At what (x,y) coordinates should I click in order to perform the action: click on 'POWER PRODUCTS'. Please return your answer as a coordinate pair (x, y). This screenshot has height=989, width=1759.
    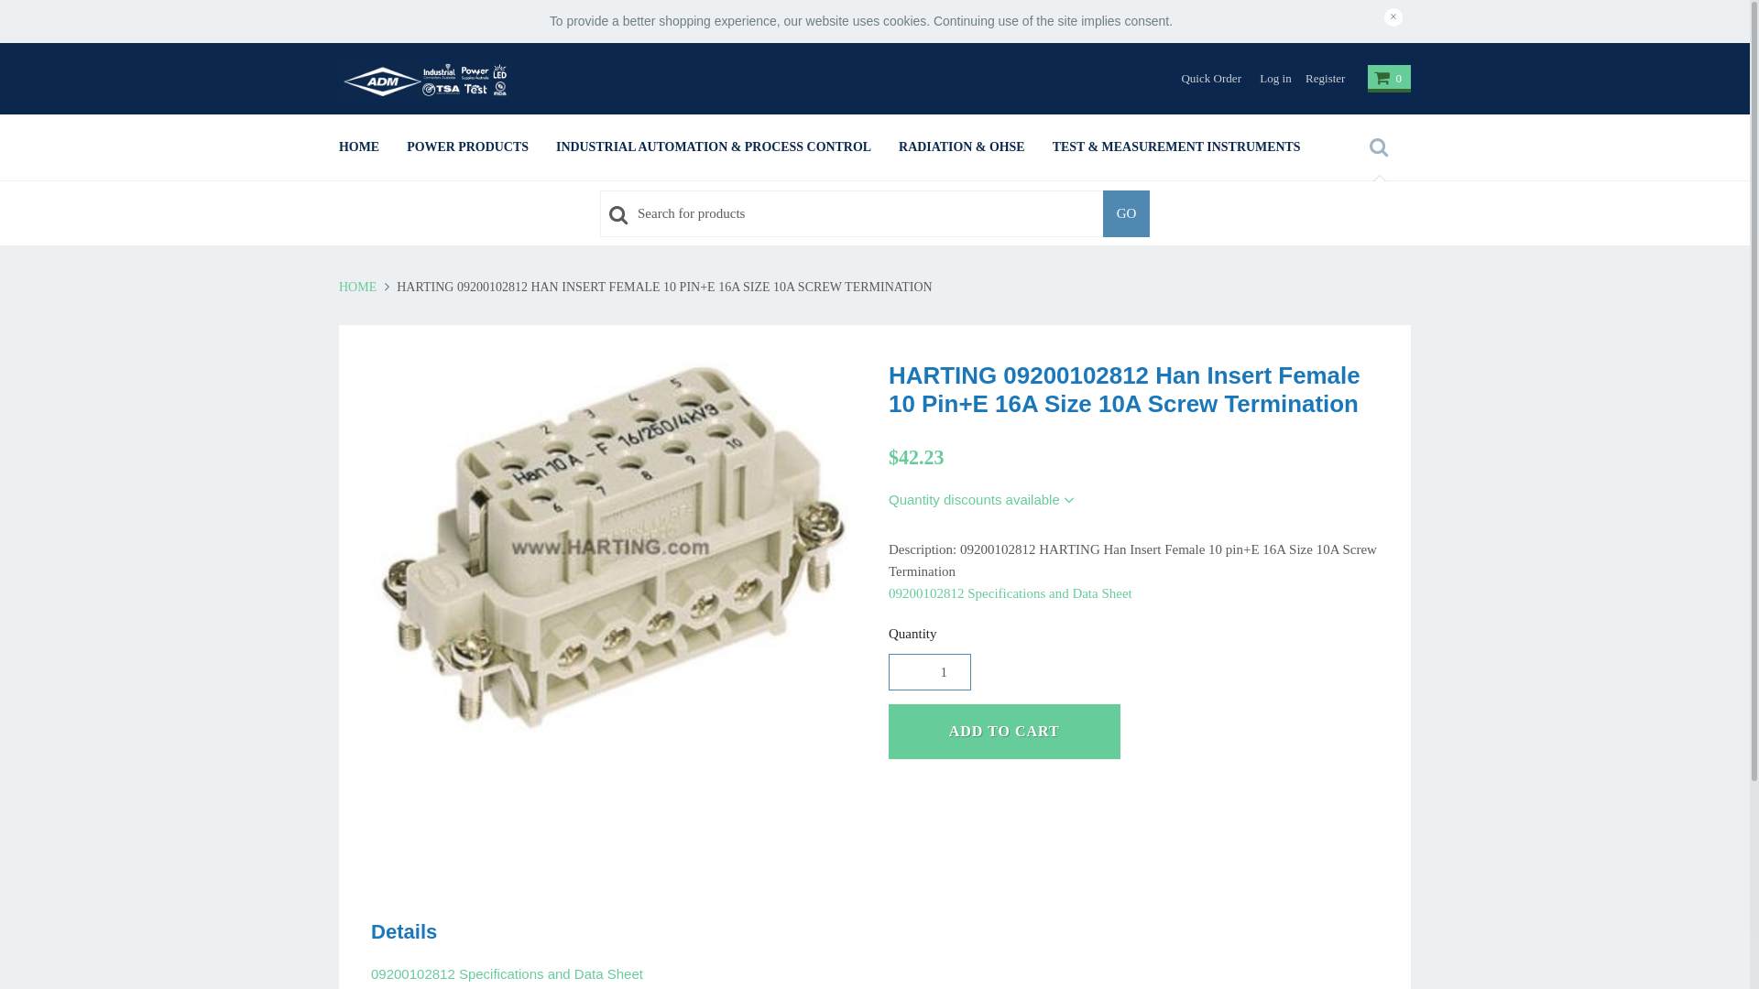
    Looking at the image, I should click on (467, 147).